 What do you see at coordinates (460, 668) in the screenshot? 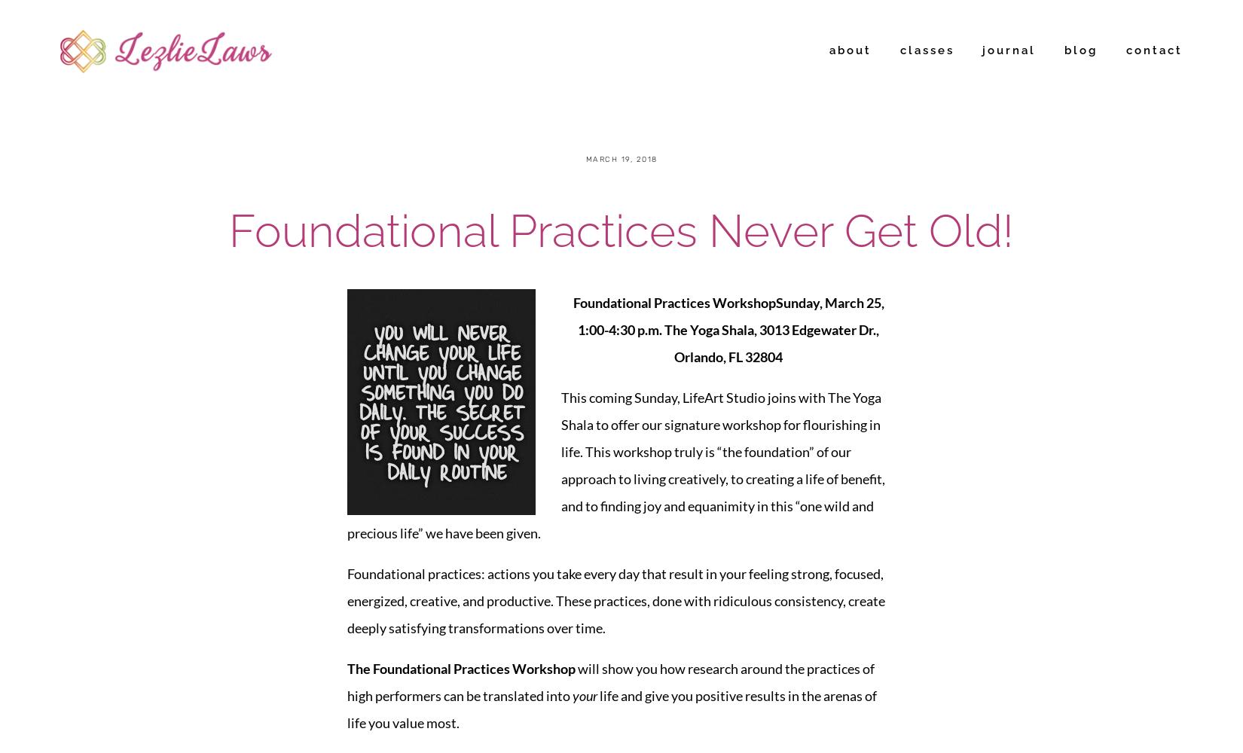
I see `'The Foundational Practices Workshop'` at bounding box center [460, 668].